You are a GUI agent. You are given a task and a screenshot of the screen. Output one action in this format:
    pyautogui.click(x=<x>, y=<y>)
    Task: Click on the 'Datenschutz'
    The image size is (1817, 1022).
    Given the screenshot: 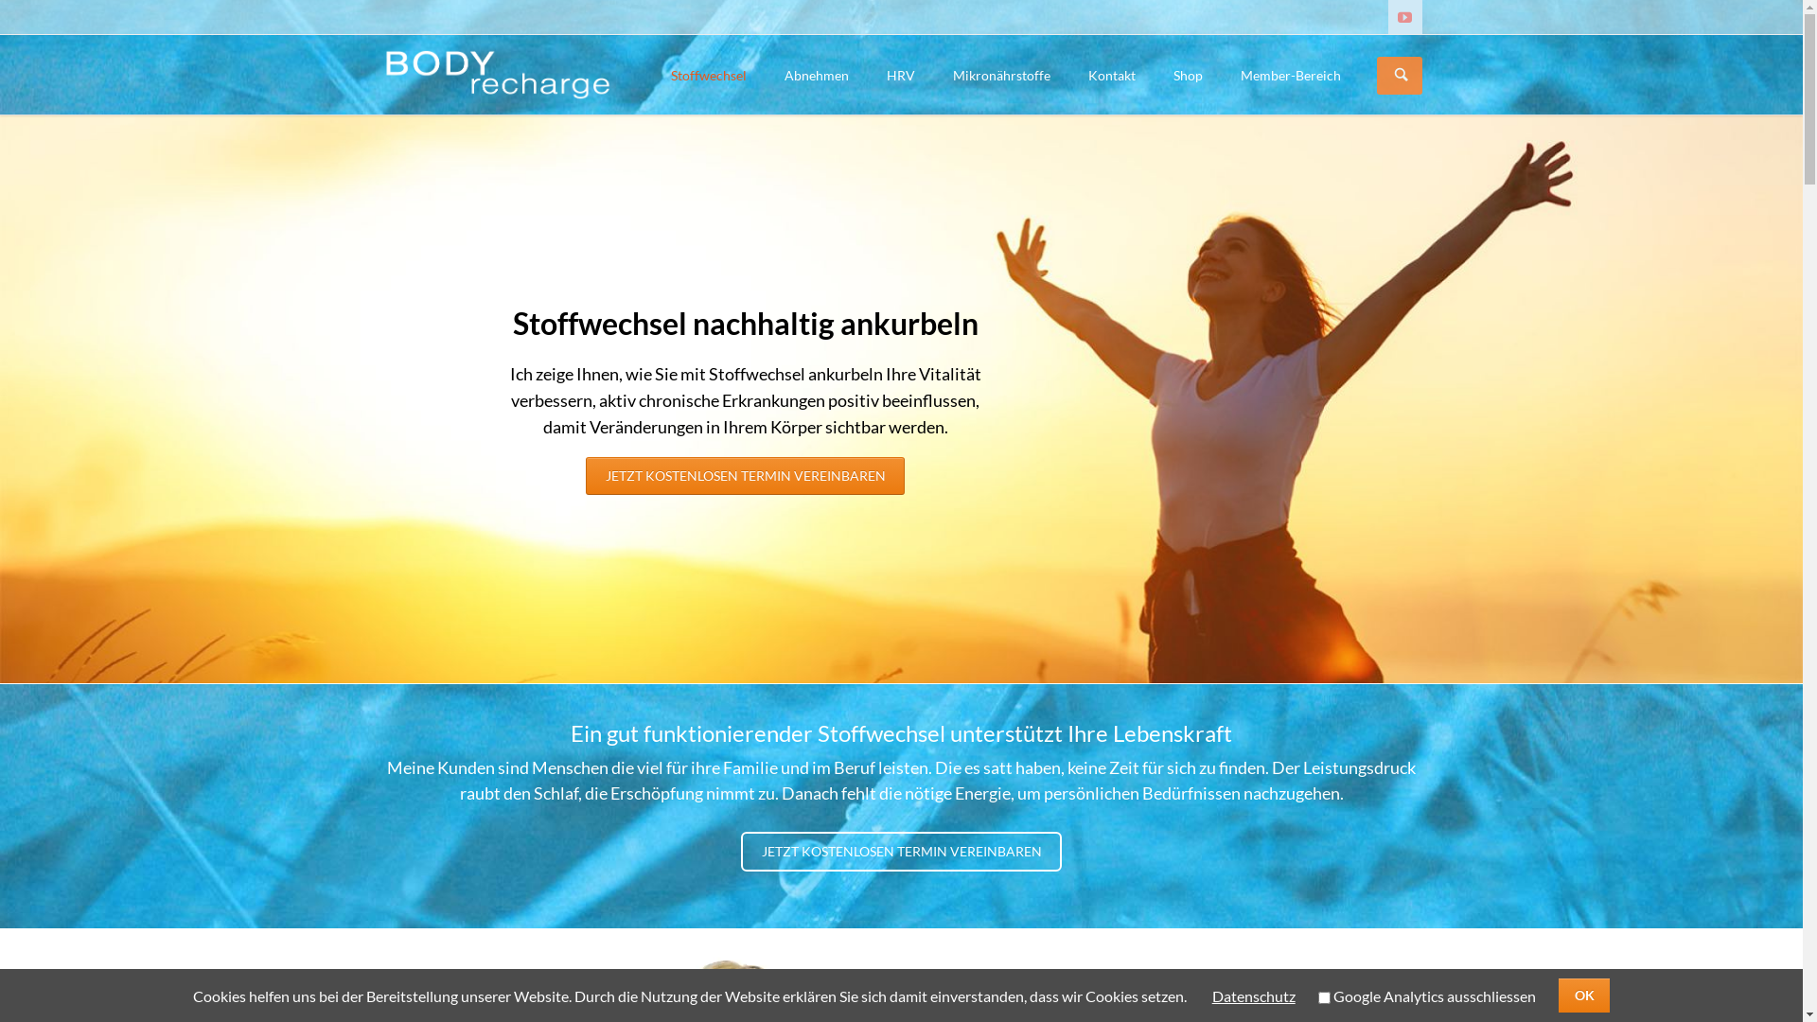 What is the action you would take?
    pyautogui.click(x=1253, y=995)
    